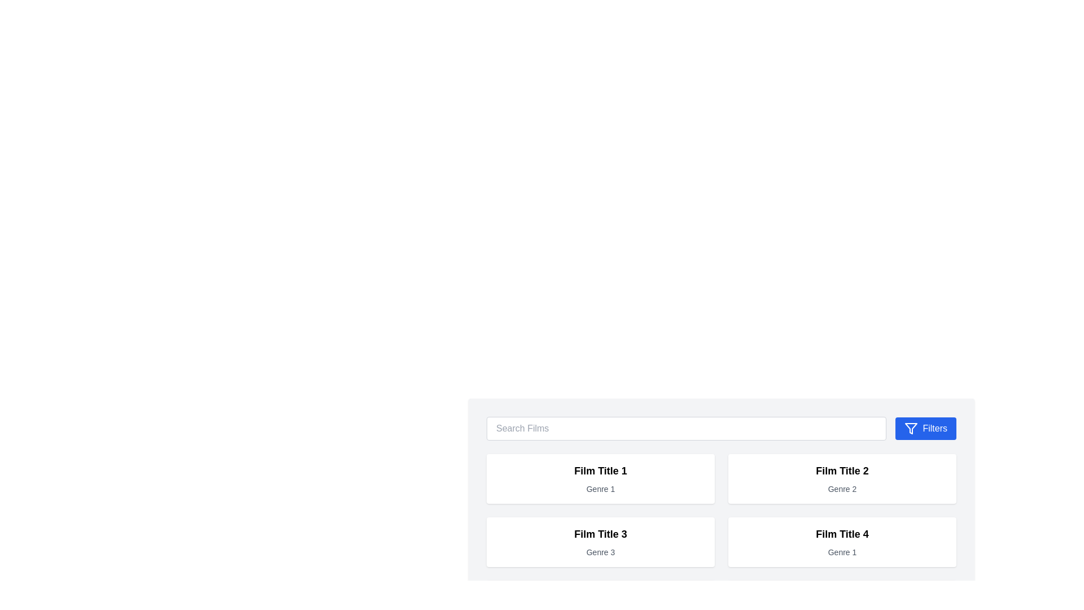  What do you see at coordinates (600, 534) in the screenshot?
I see `the text label located in the lower-left box of the grid layout, positioned above 'Genre 3'` at bounding box center [600, 534].